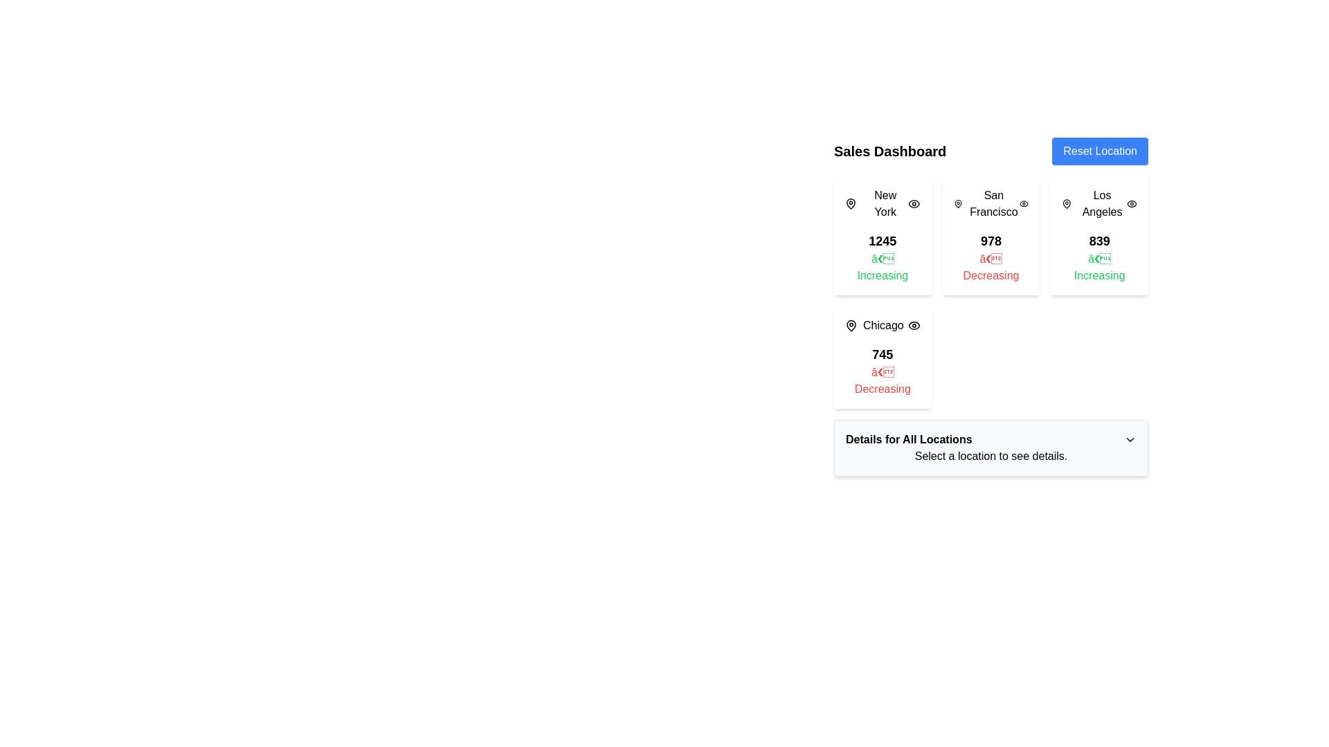 Image resolution: width=1329 pixels, height=747 pixels. What do you see at coordinates (957, 203) in the screenshot?
I see `the map pin icon located beside the text 'San Francisco' in the Sales Dashboard` at bounding box center [957, 203].